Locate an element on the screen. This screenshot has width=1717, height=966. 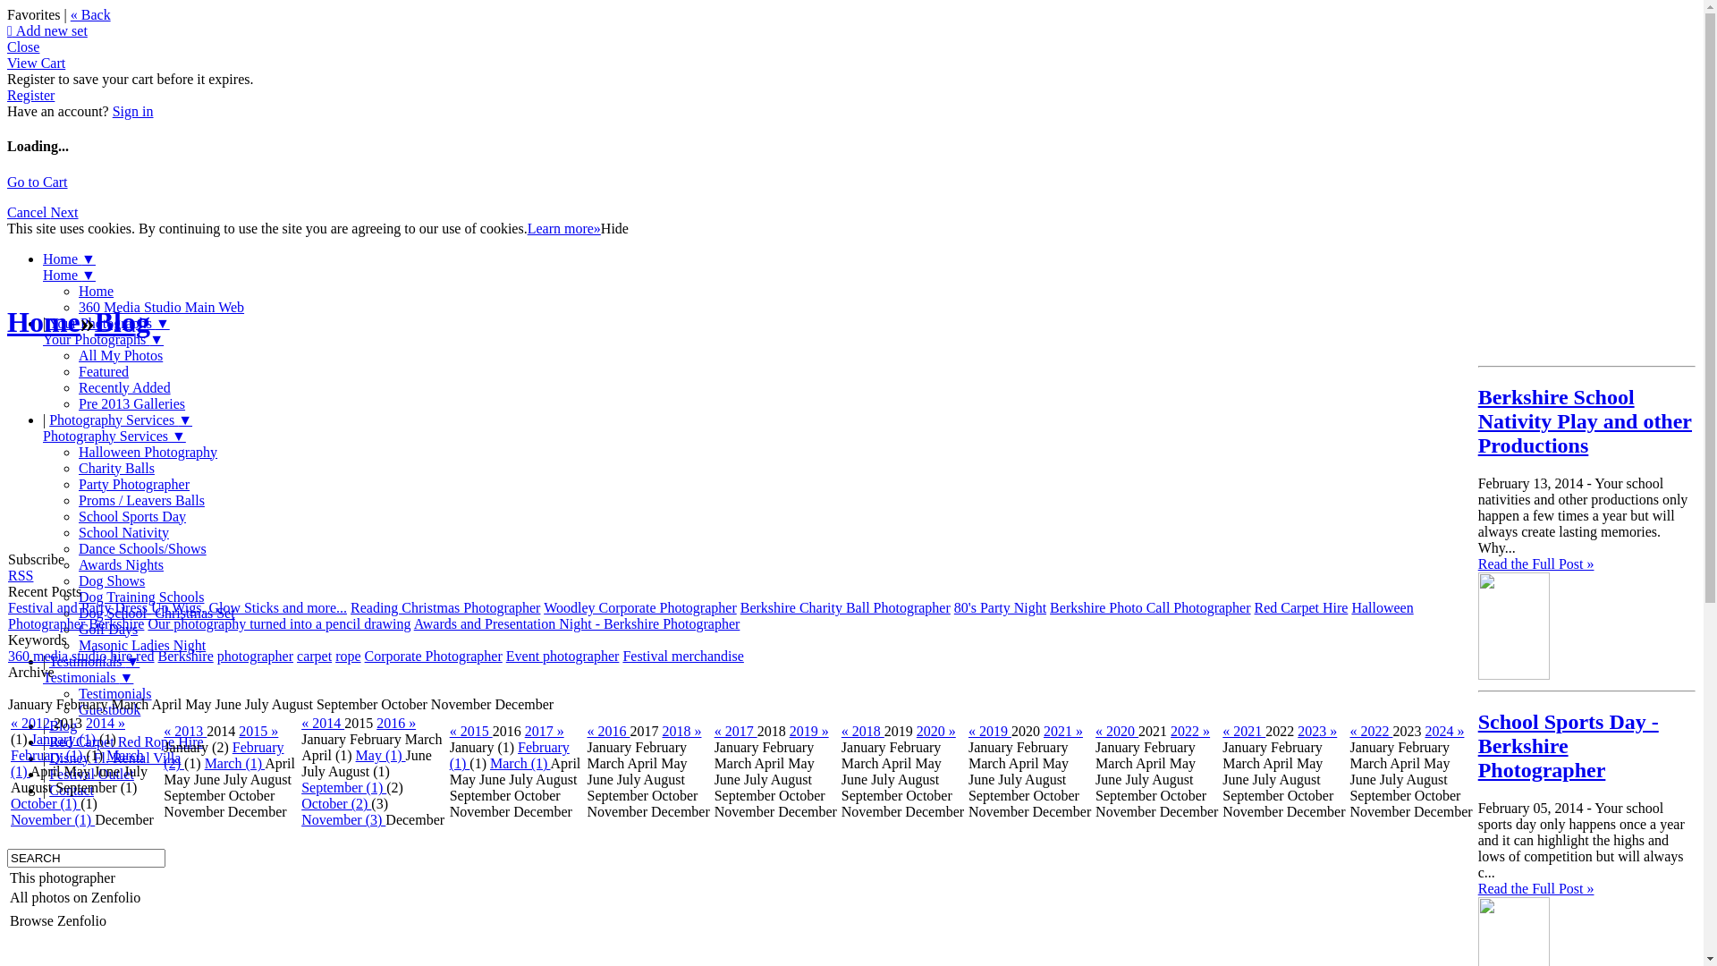
'Charity Balls' is located at coordinates (115, 467).